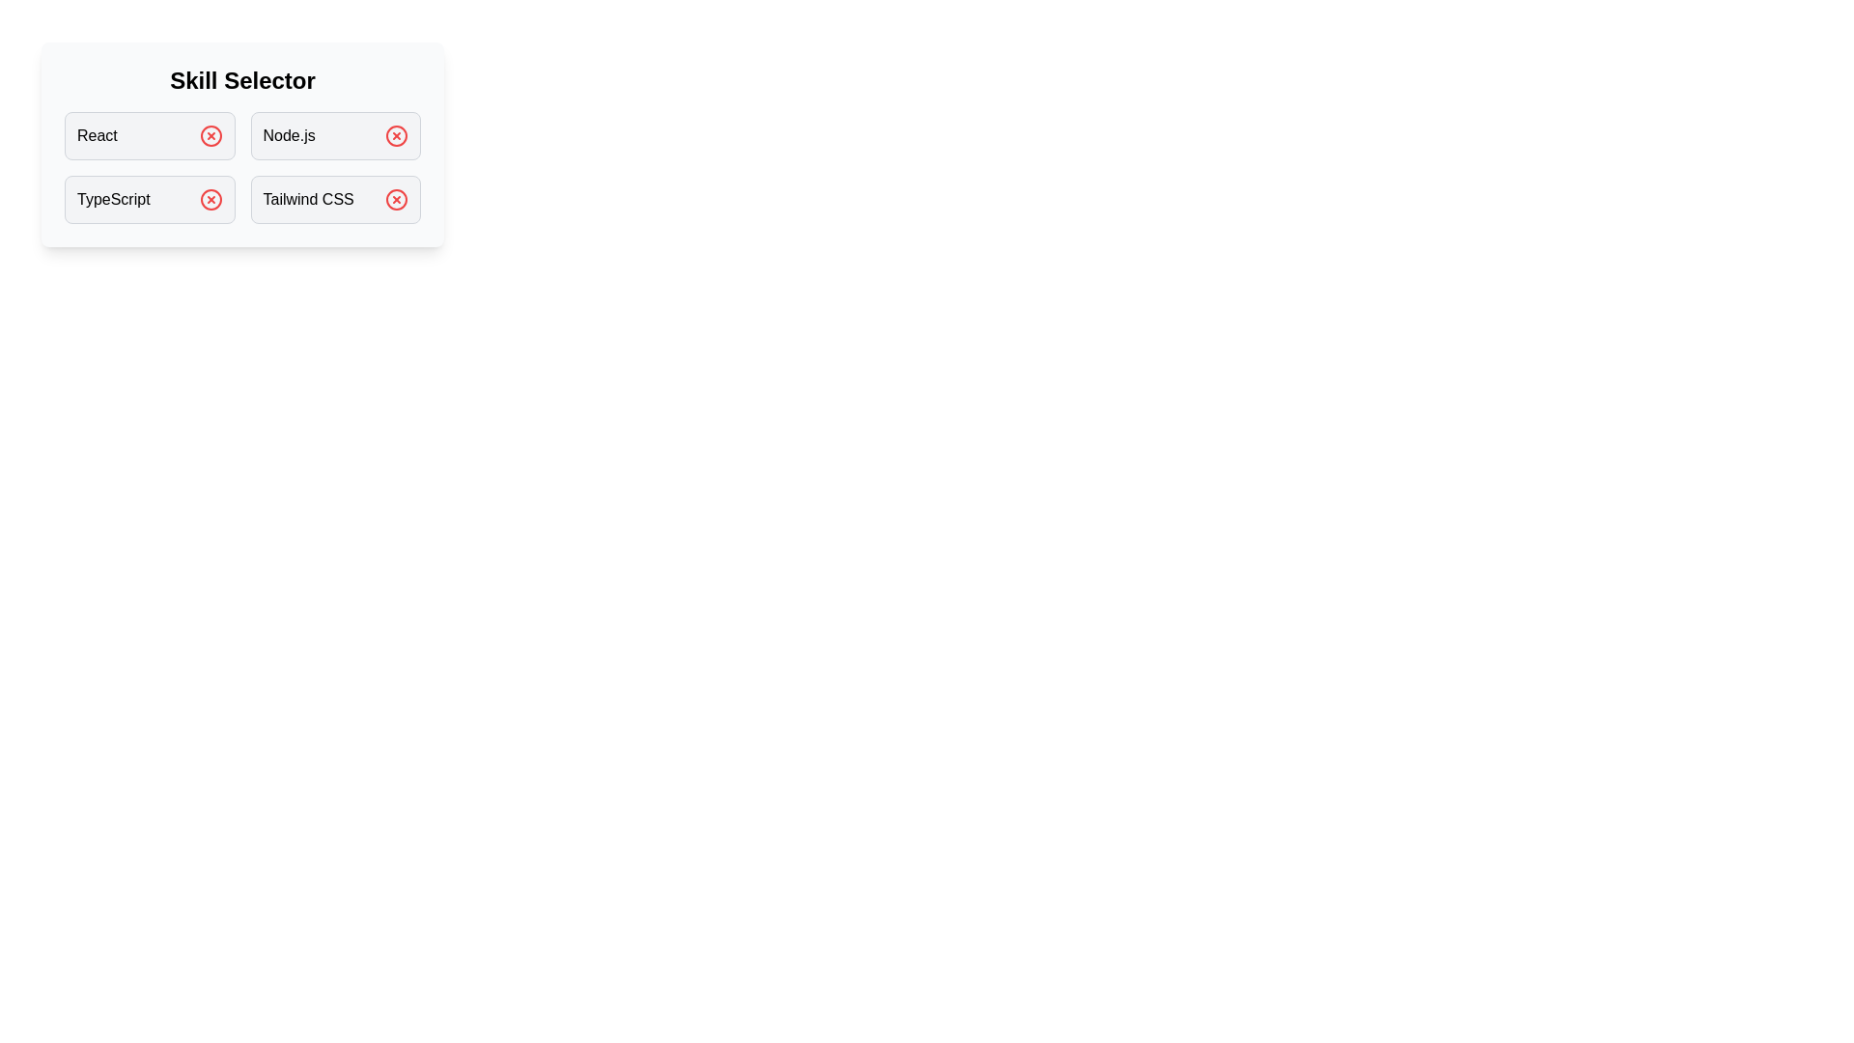 The height and width of the screenshot is (1043, 1854). What do you see at coordinates (335, 135) in the screenshot?
I see `the skill Node.js by clicking on its box` at bounding box center [335, 135].